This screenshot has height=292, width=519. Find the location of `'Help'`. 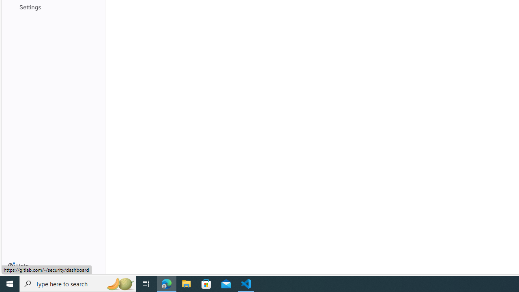

'Help' is located at coordinates (18, 266).